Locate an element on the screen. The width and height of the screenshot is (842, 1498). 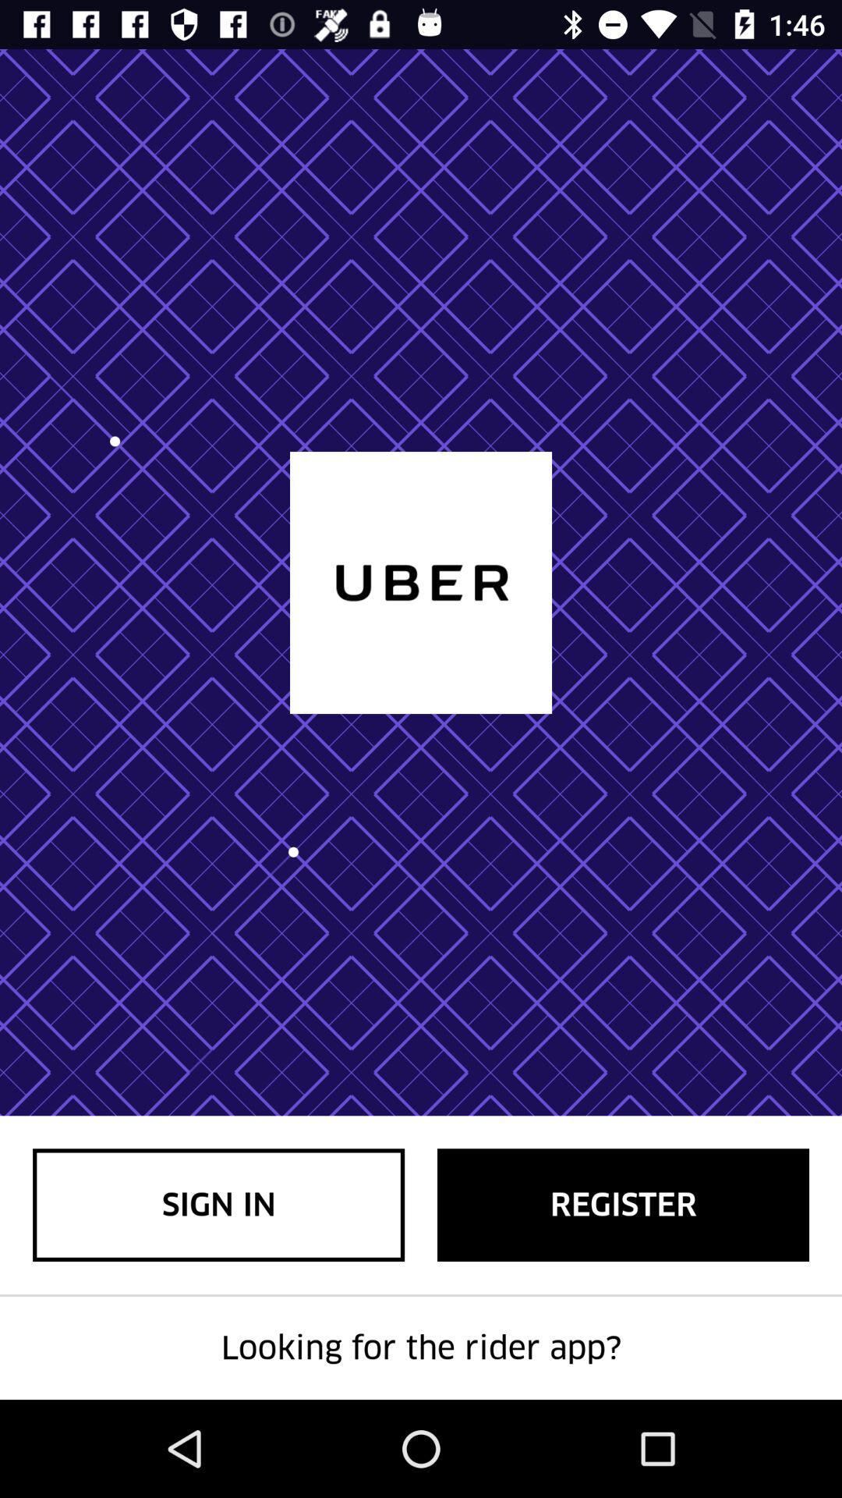
item next to sign in item is located at coordinates (622, 1204).